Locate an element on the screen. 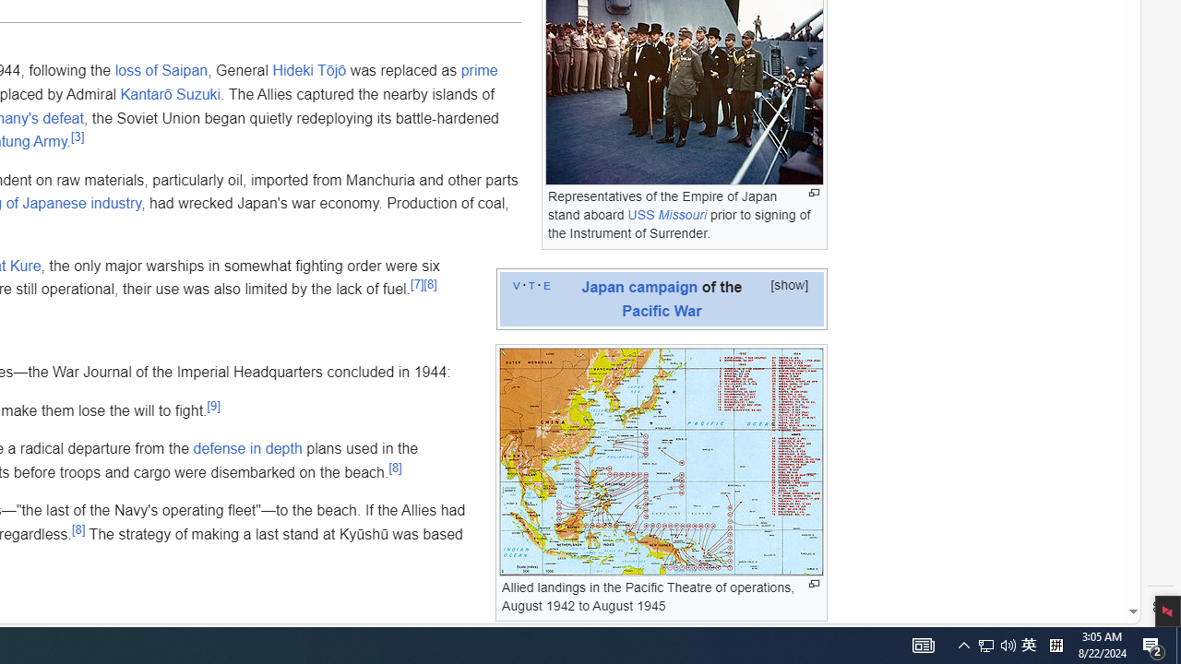  'Class: mw-file-description' is located at coordinates (661, 460).